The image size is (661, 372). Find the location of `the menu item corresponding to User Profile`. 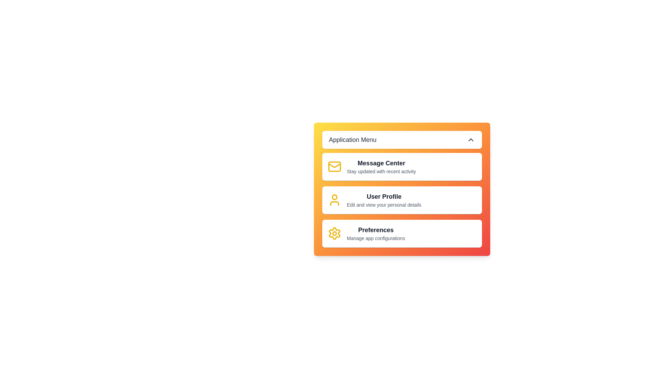

the menu item corresponding to User Profile is located at coordinates (402, 200).